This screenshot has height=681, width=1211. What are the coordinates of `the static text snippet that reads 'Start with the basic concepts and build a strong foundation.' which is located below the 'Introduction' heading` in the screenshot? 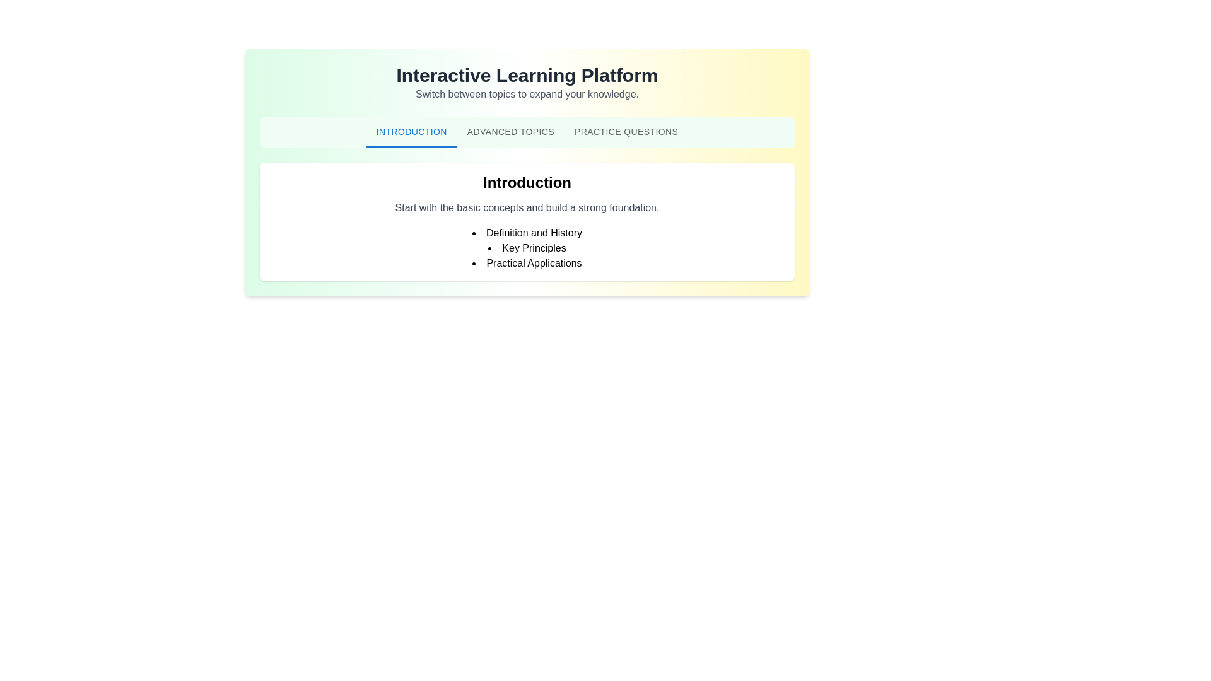 It's located at (527, 207).